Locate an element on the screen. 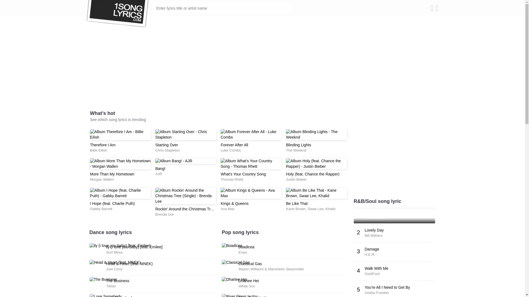 This screenshot has width=529, height=297. 'The Business' is located at coordinates (106, 281).